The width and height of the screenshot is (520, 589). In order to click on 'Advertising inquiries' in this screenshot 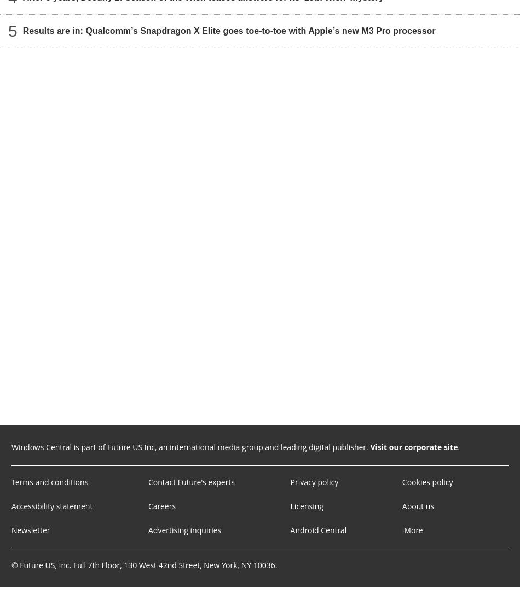, I will do `click(183, 530)`.